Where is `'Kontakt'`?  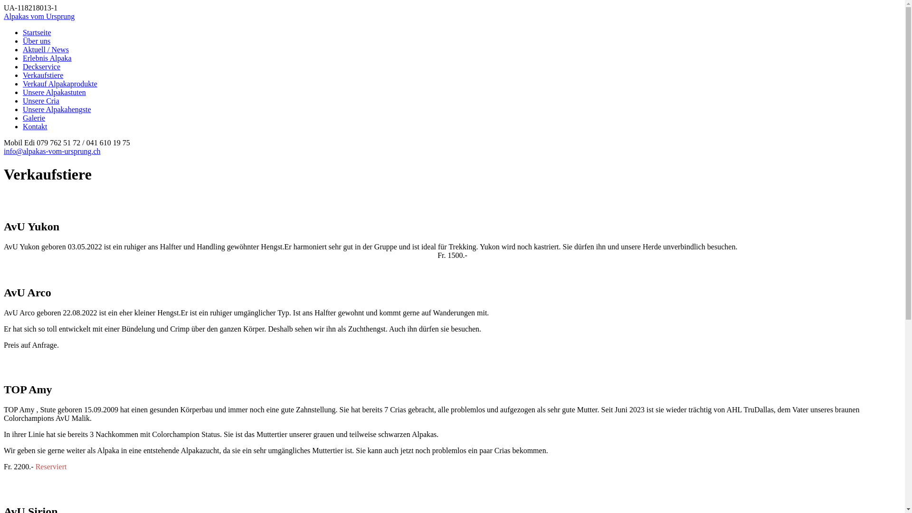
'Kontakt' is located at coordinates (23, 126).